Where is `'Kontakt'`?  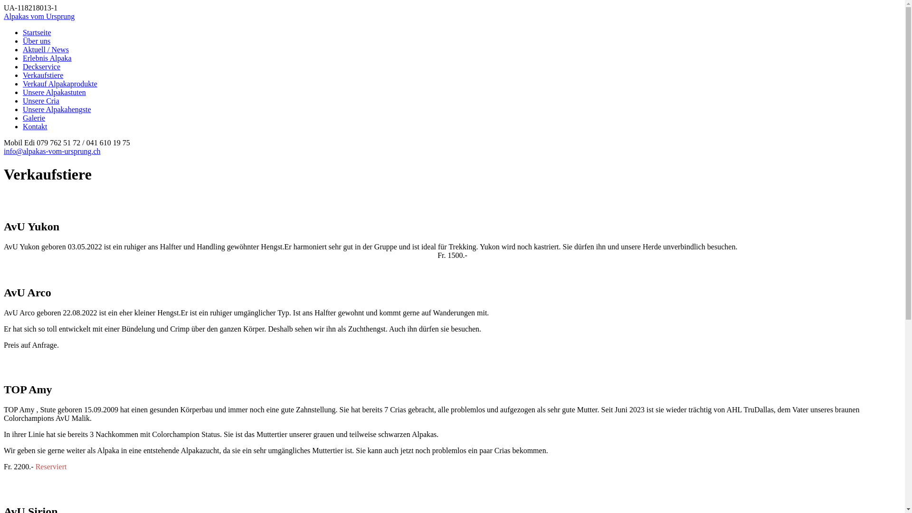
'Kontakt' is located at coordinates (23, 126).